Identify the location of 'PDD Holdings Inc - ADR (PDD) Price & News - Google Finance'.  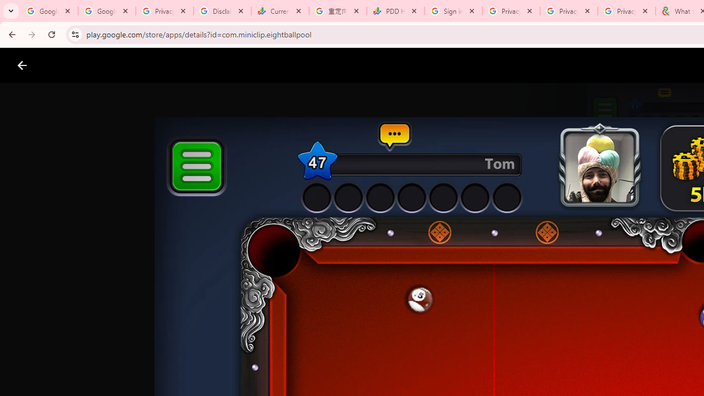
(395, 11).